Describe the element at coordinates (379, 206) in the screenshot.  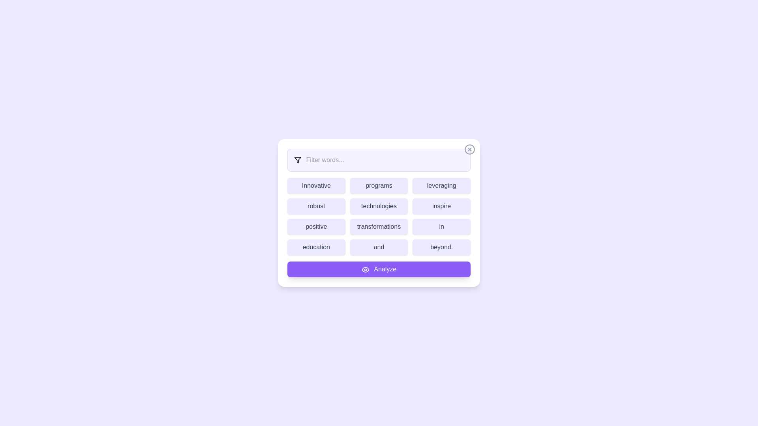
I see `the word technologies to highlight it` at that location.